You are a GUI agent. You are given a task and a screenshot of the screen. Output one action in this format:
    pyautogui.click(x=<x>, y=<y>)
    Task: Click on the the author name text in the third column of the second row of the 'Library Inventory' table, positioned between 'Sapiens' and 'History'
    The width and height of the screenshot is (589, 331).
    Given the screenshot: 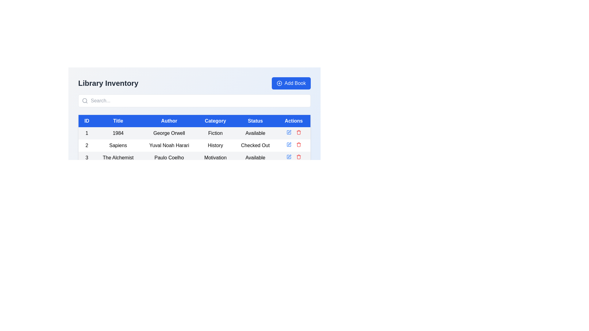 What is the action you would take?
    pyautogui.click(x=169, y=145)
    